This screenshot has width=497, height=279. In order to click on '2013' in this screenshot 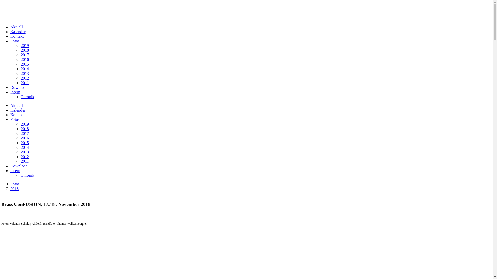, I will do `click(25, 152)`.